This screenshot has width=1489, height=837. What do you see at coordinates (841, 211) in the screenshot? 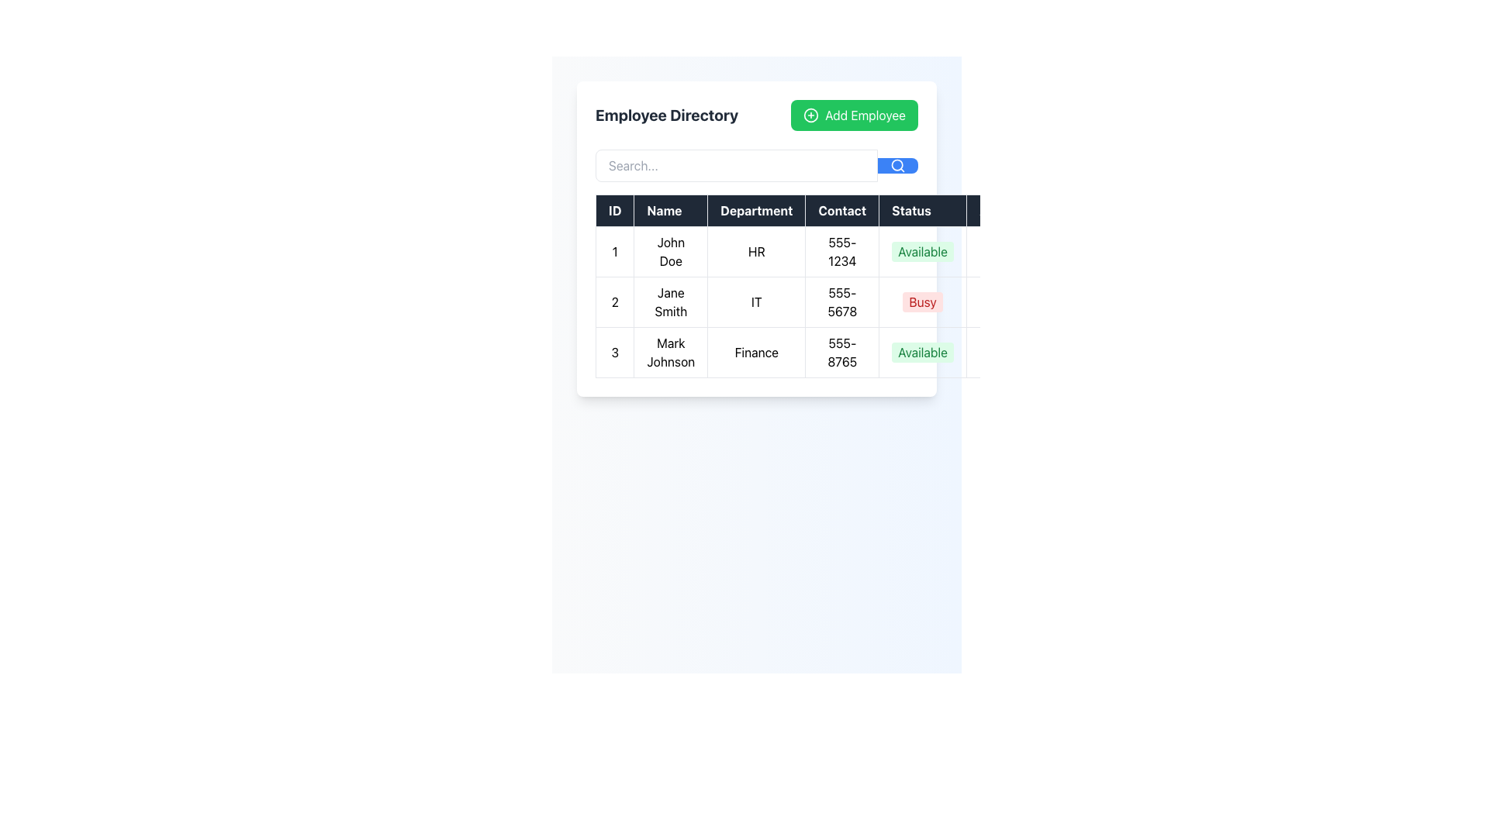
I see `the 'Contact' text label in the table header, which has a dark background and white text, positioned as the fourth column header in the row` at bounding box center [841, 211].